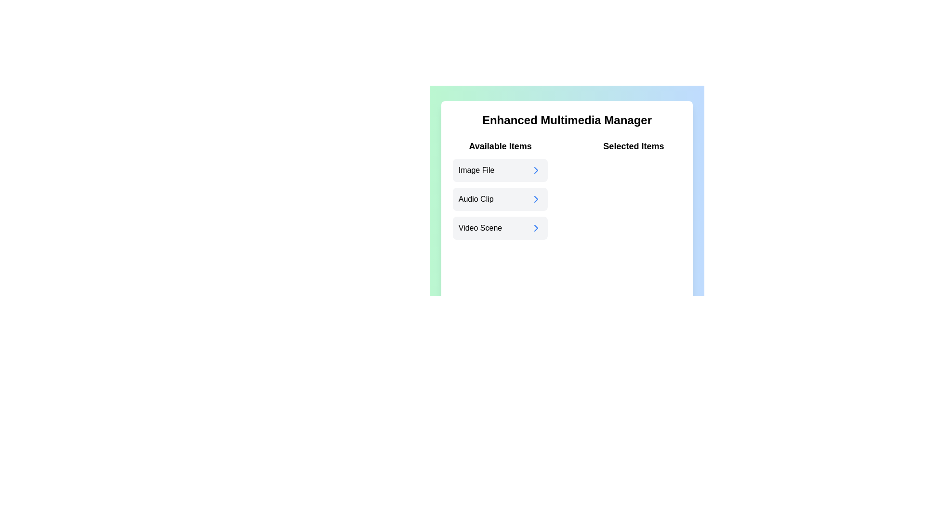 Image resolution: width=925 pixels, height=520 pixels. I want to click on the 'Audio Clip' text label, which is located within a card in the 'Available Items' section of the interface, so click(476, 198).